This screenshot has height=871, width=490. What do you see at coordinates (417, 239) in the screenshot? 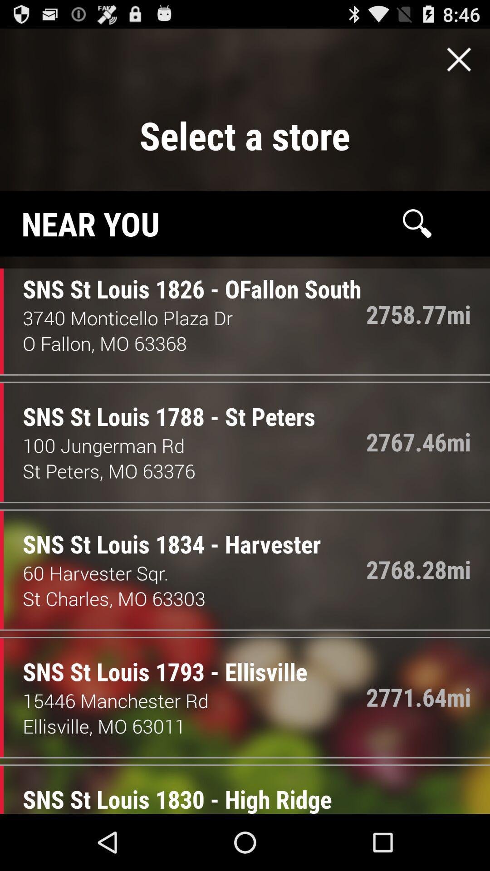
I see `the search icon` at bounding box center [417, 239].